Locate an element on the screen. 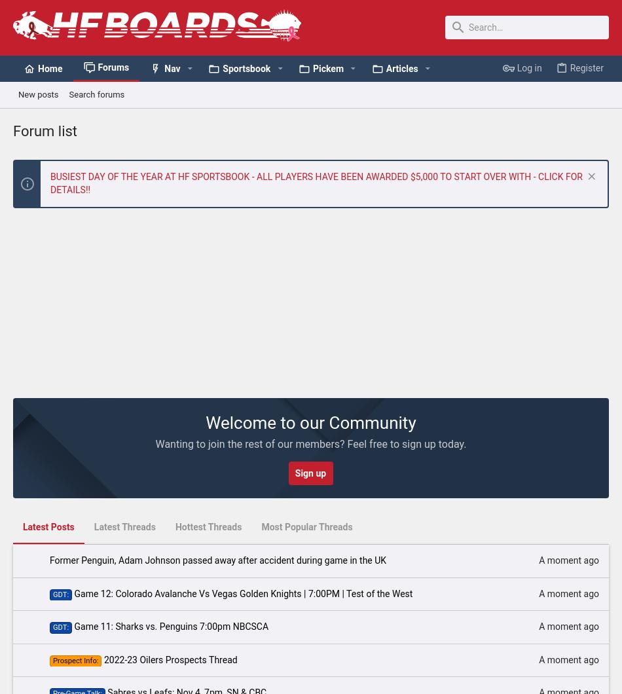 The image size is (622, 694). 'Prospect Info:' is located at coordinates (75, 659).